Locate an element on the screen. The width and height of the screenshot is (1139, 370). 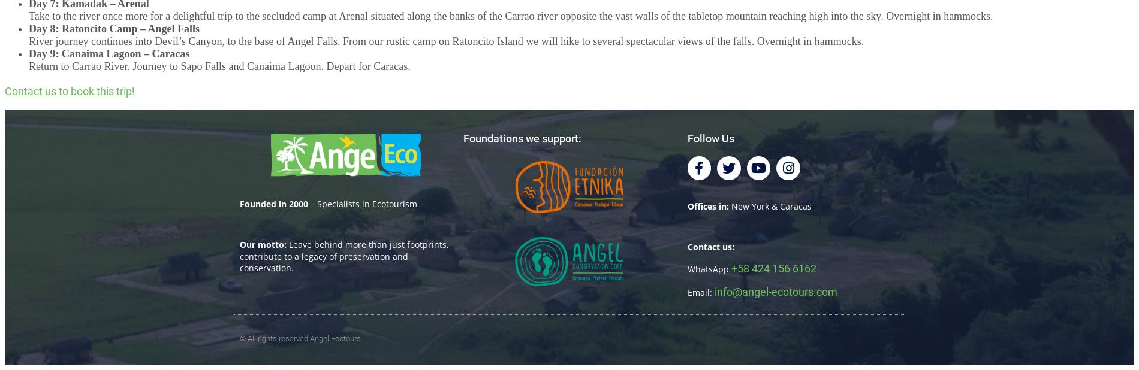
'Contact us to book this trip!' is located at coordinates (70, 90).